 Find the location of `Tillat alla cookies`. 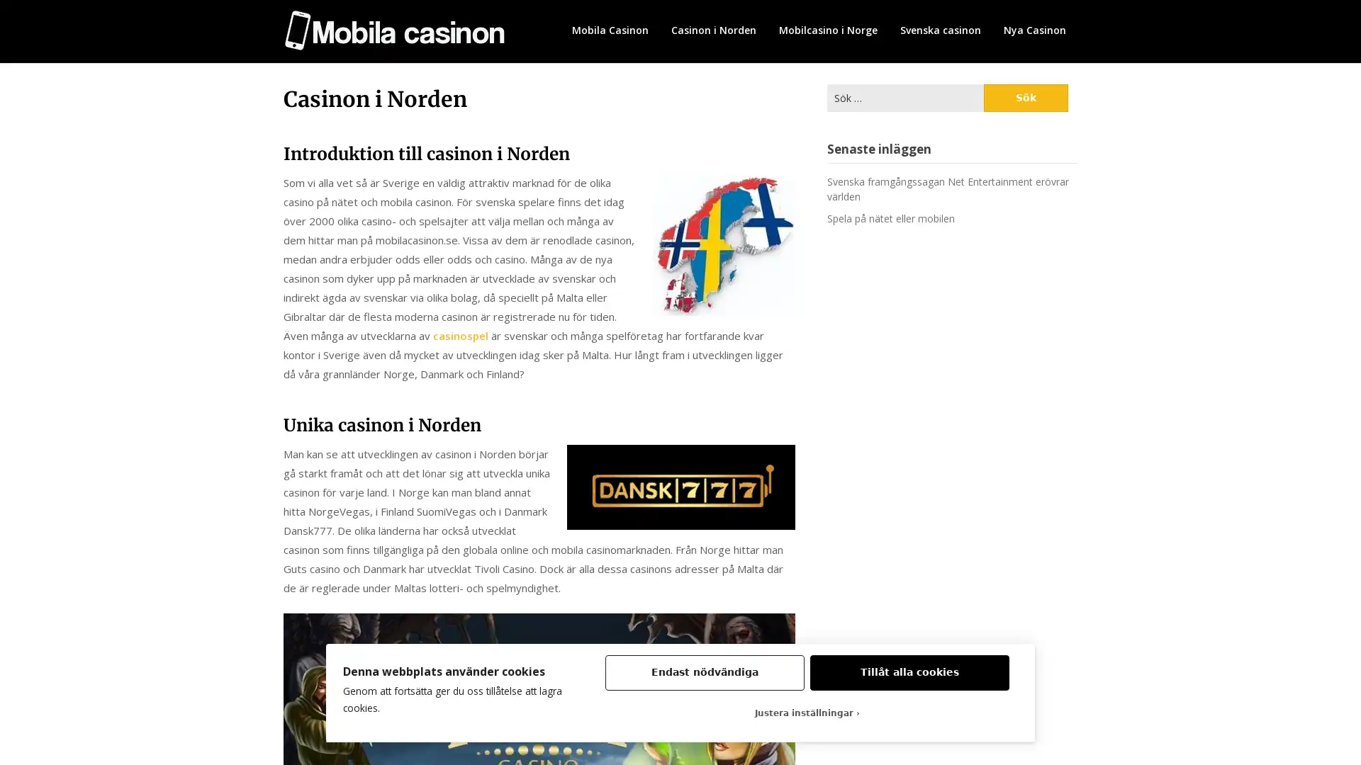

Tillat alla cookies is located at coordinates (909, 671).